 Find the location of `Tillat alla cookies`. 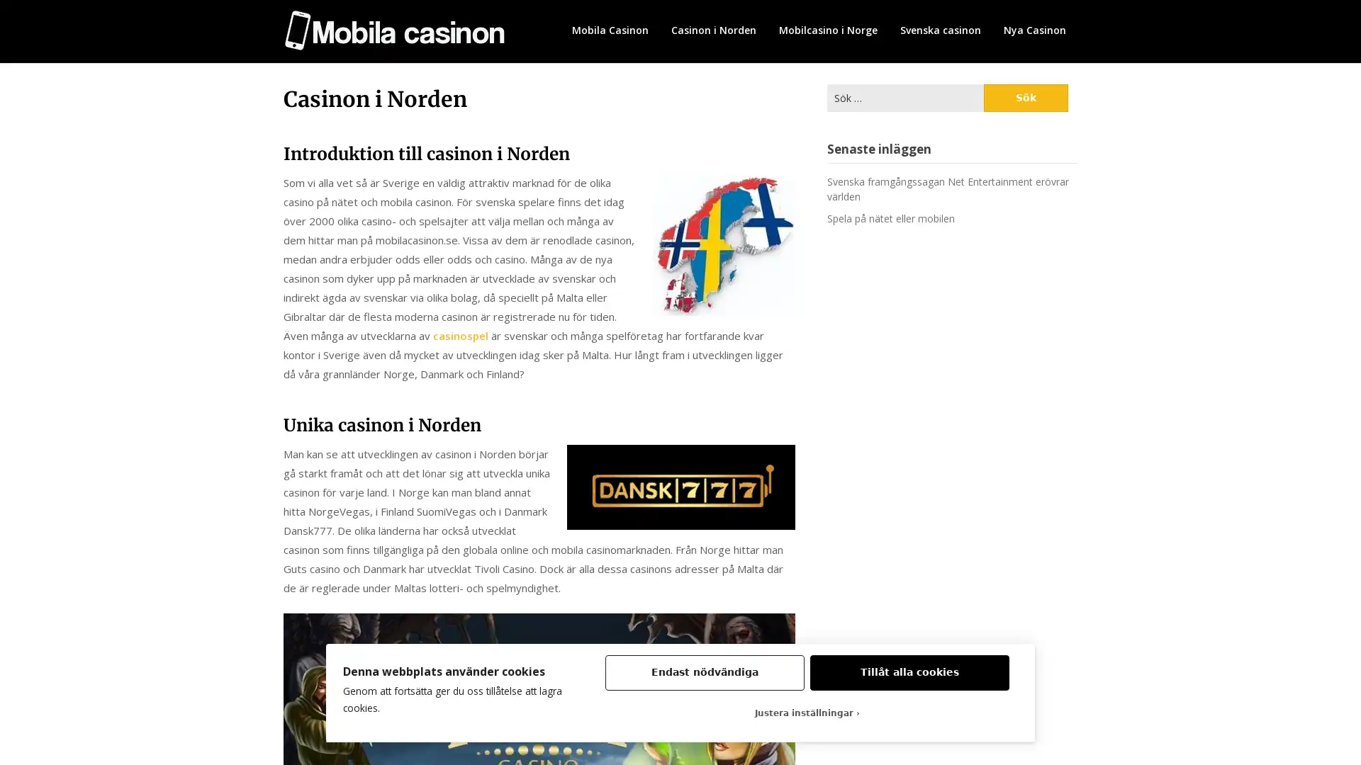

Tillat alla cookies is located at coordinates (909, 671).